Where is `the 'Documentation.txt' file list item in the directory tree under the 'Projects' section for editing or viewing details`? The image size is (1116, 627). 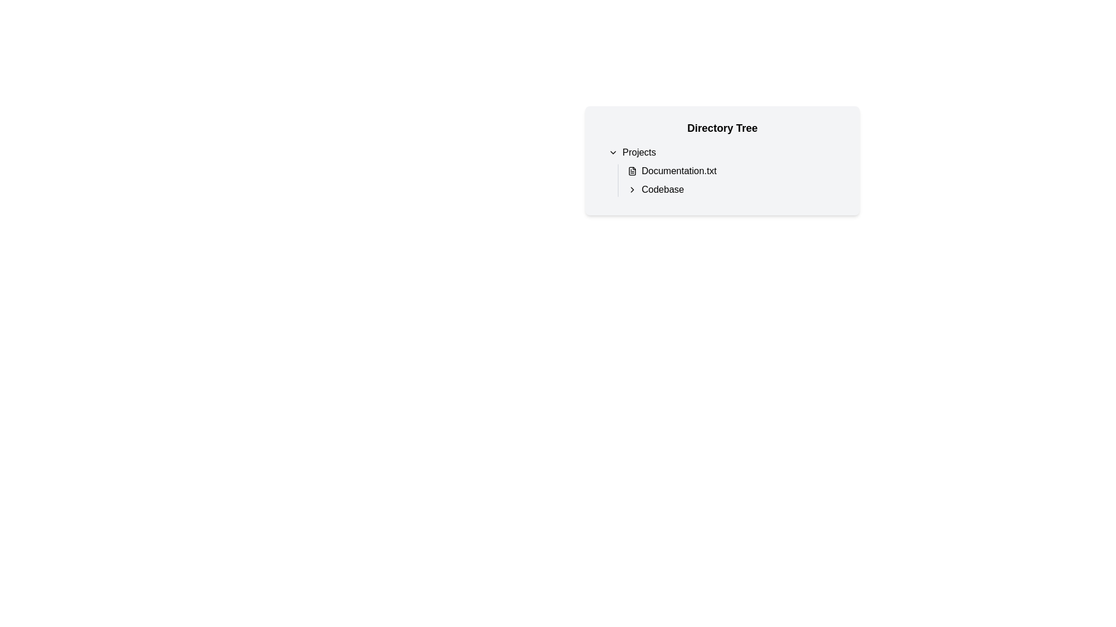 the 'Documentation.txt' file list item in the directory tree under the 'Projects' section for editing or viewing details is located at coordinates (727, 171).